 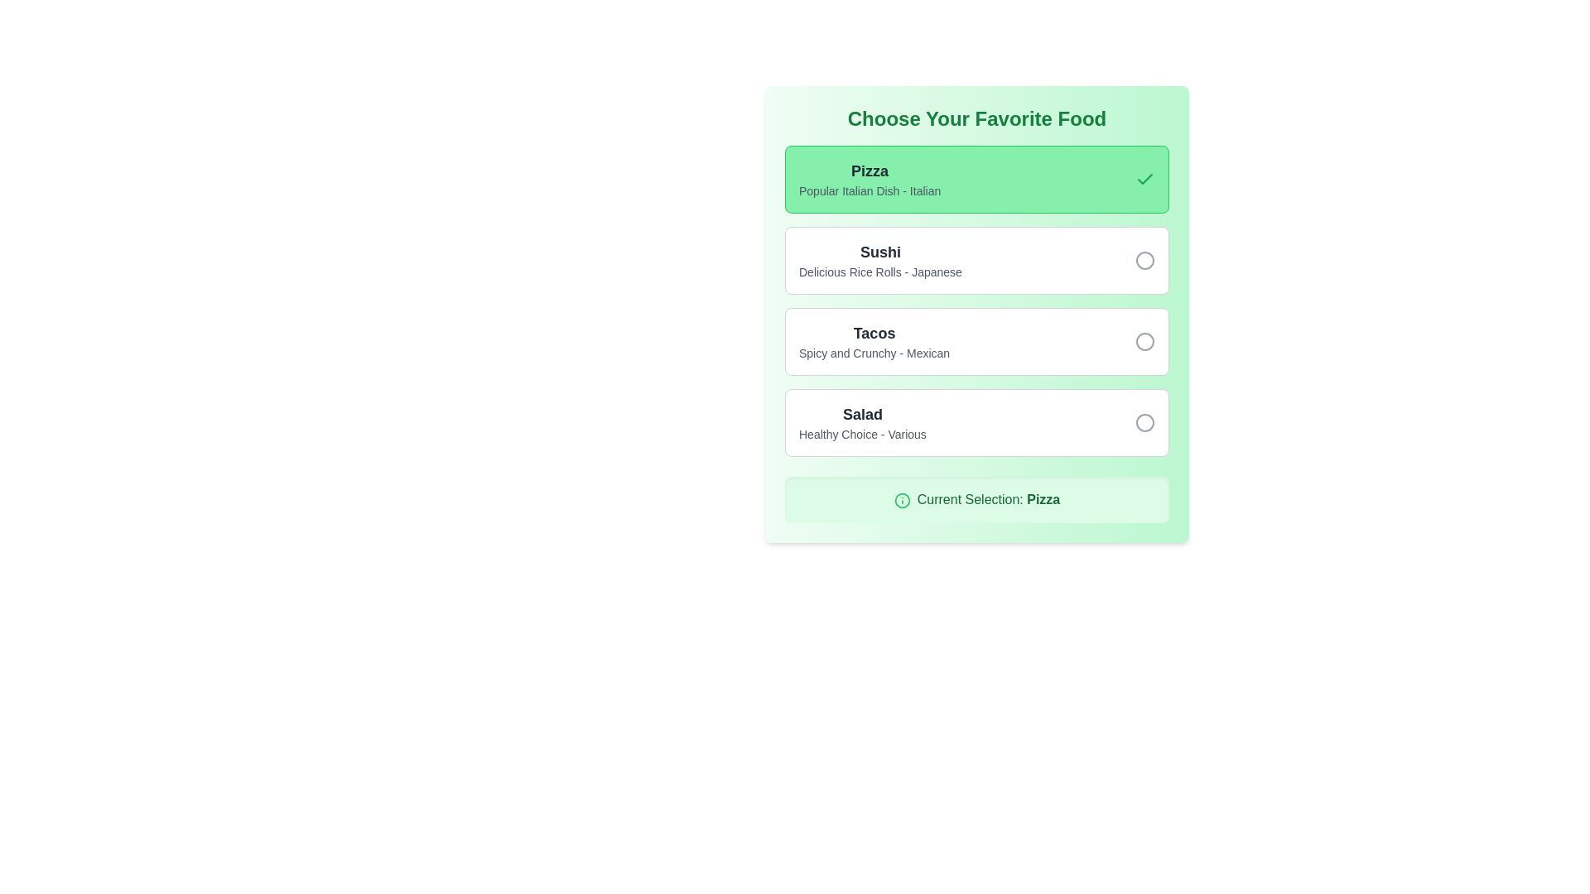 I want to click on the circular radio button located on the far right side of the 'Tacos' option, so click(x=1144, y=340).